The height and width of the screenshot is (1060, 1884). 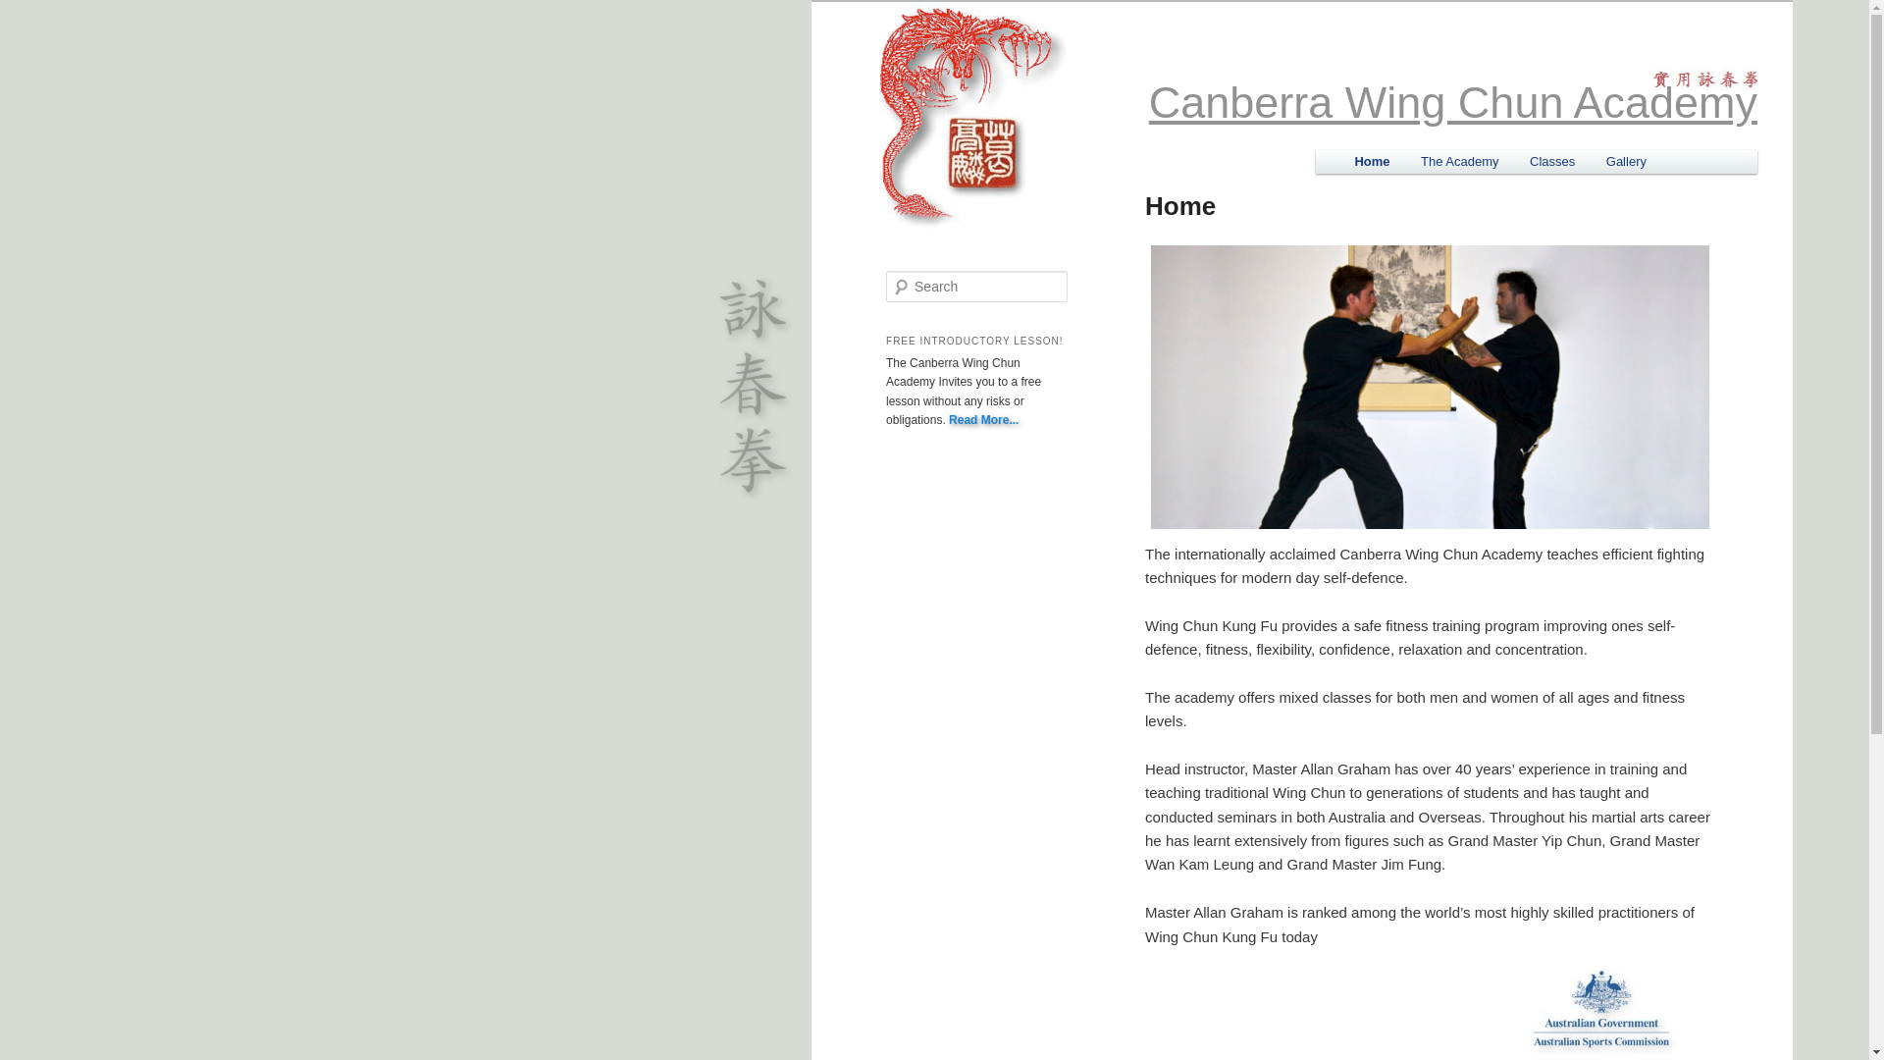 I want to click on 'Classes', so click(x=1551, y=160).